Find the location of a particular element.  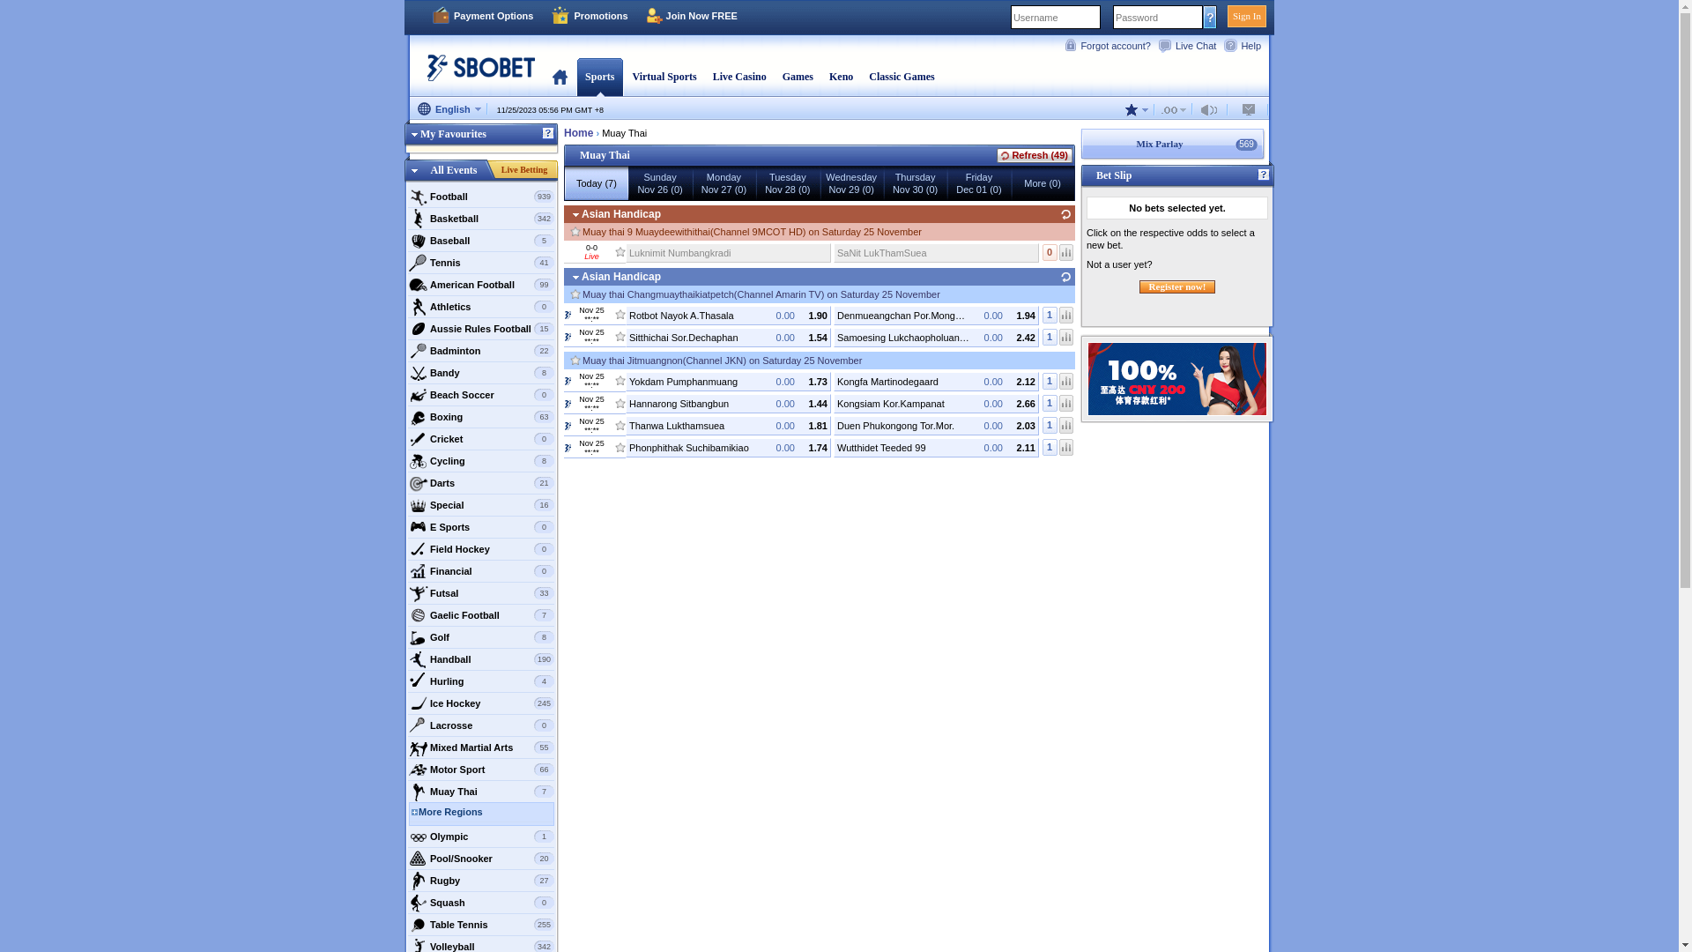

'Keno' is located at coordinates (840, 76).